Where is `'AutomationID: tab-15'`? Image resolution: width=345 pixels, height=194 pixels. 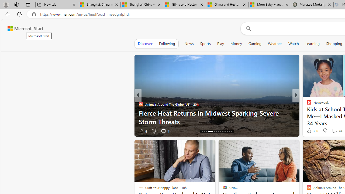
'AutomationID: tab-15' is located at coordinates (204, 131).